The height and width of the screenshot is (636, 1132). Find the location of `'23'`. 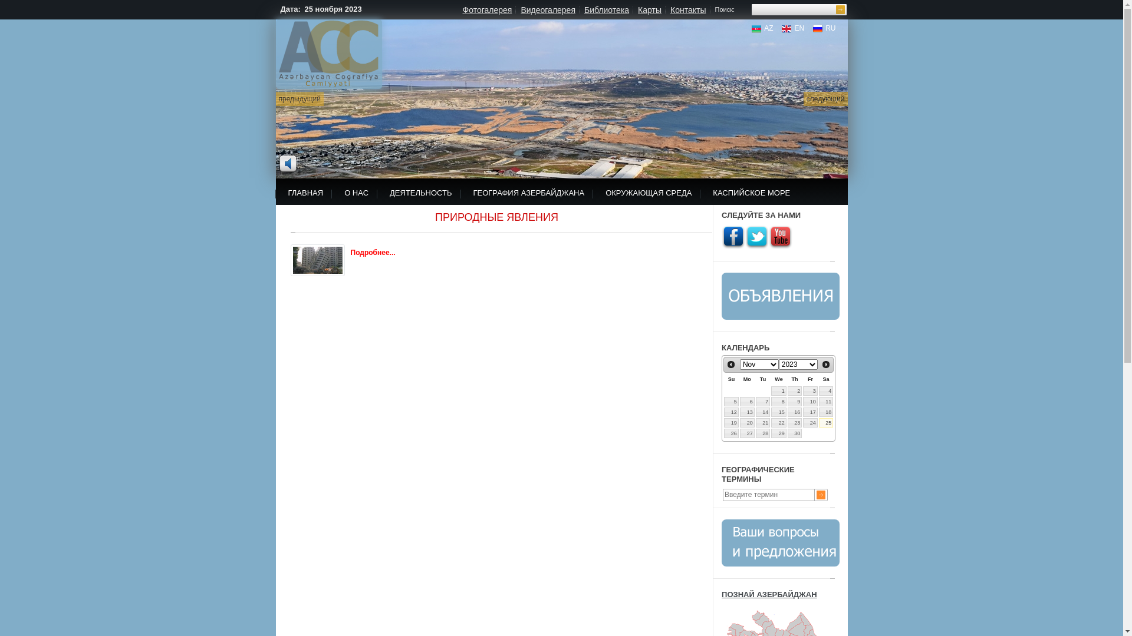

'23' is located at coordinates (795, 422).